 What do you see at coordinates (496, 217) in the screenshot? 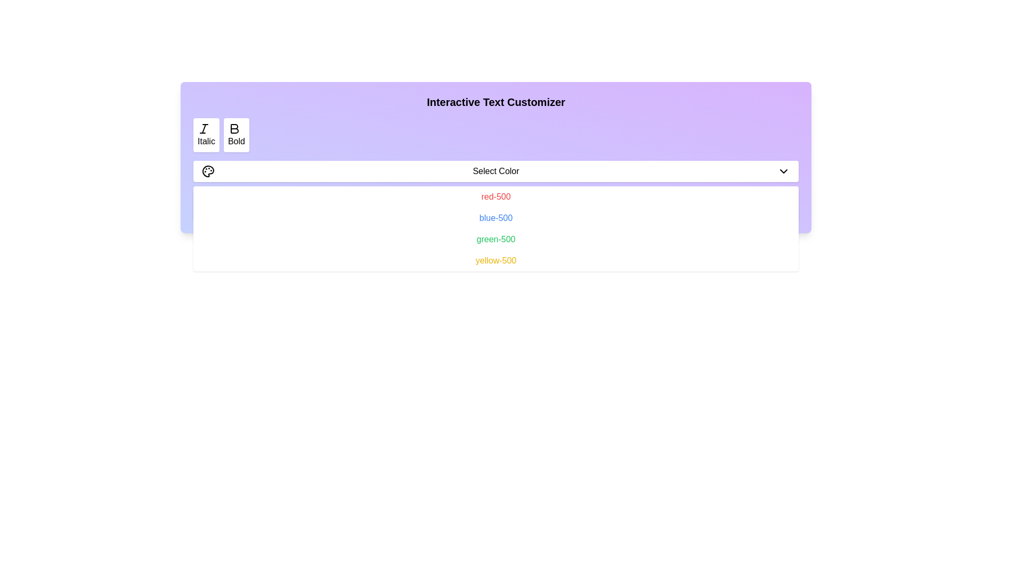
I see `the 'blue-500' option in the dropdown menu` at bounding box center [496, 217].